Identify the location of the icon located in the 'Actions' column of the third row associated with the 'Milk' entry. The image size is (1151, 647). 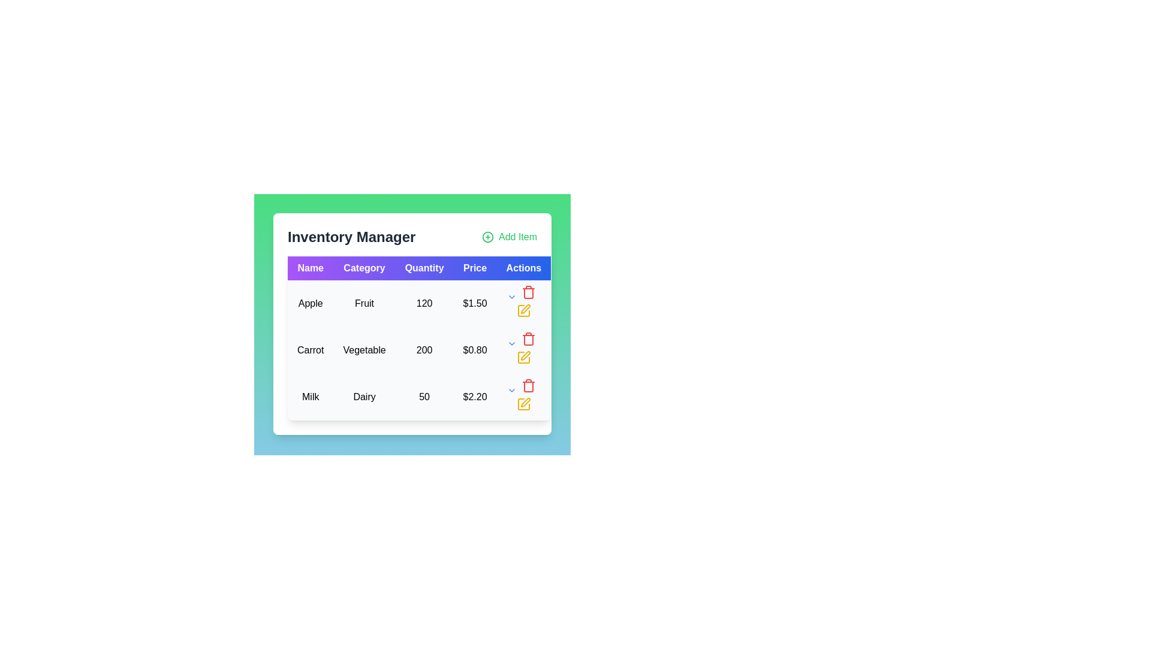
(523, 310).